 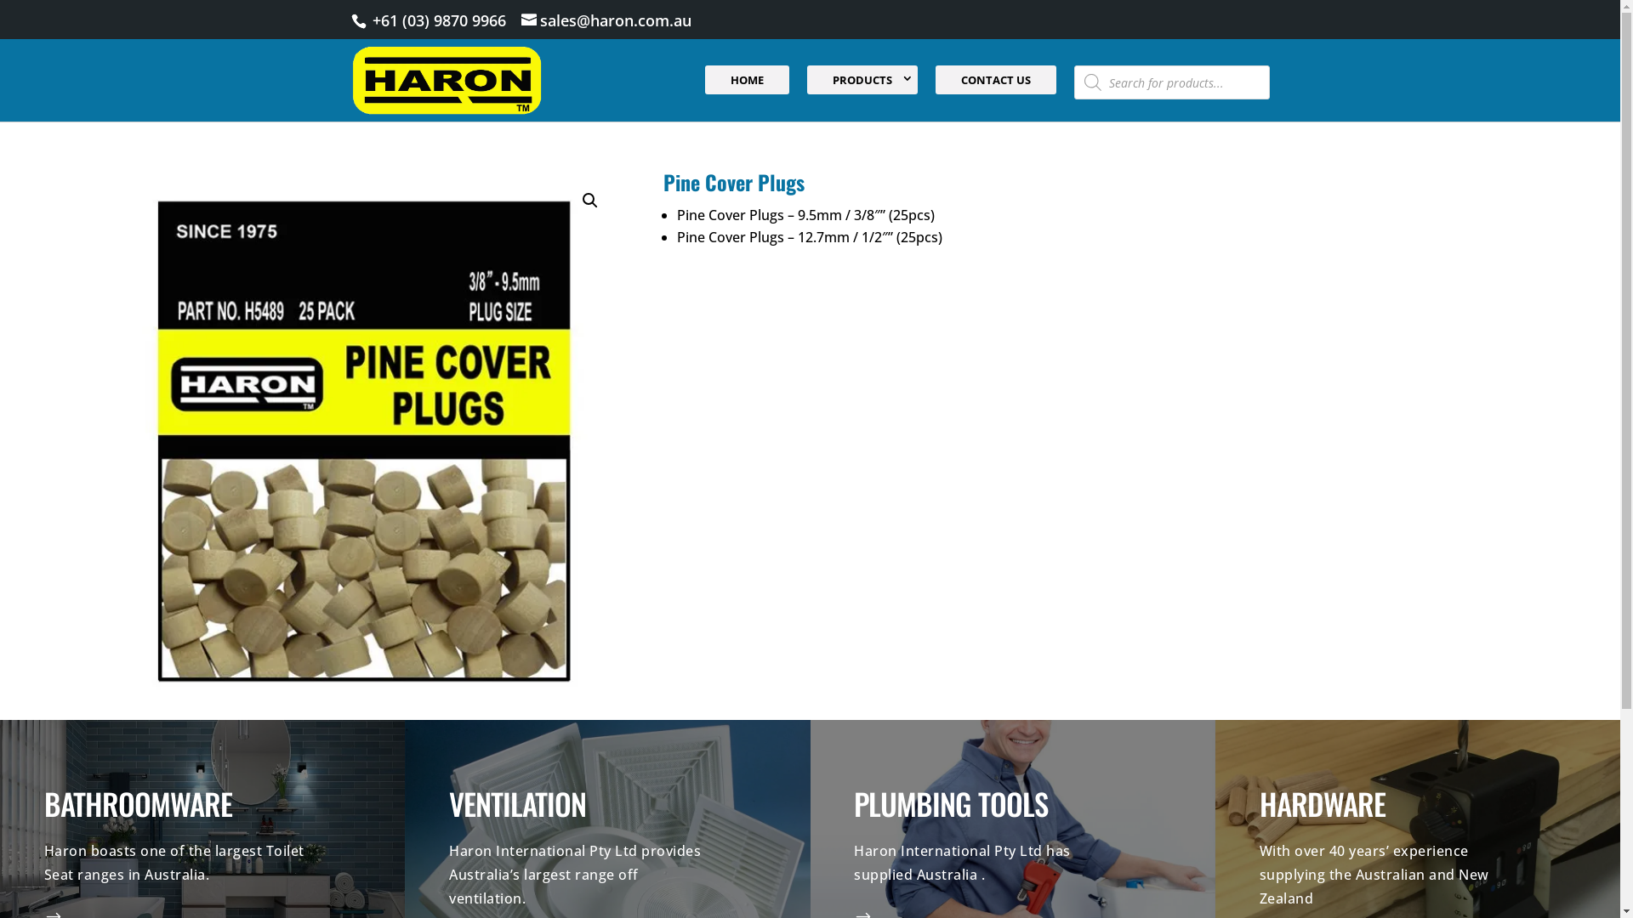 I want to click on 'VENTILATION', so click(x=516, y=803).